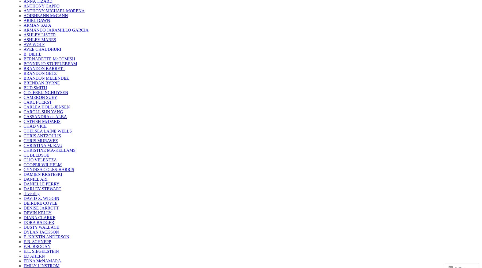  What do you see at coordinates (41, 232) in the screenshot?
I see `'DYLAN JACKSON'` at bounding box center [41, 232].